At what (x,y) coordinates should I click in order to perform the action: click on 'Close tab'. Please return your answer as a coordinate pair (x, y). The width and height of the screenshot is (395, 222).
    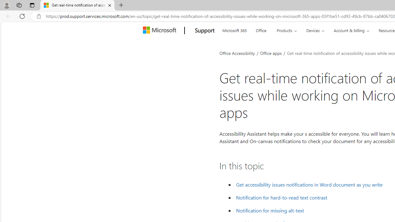
    Looking at the image, I should click on (110, 5).